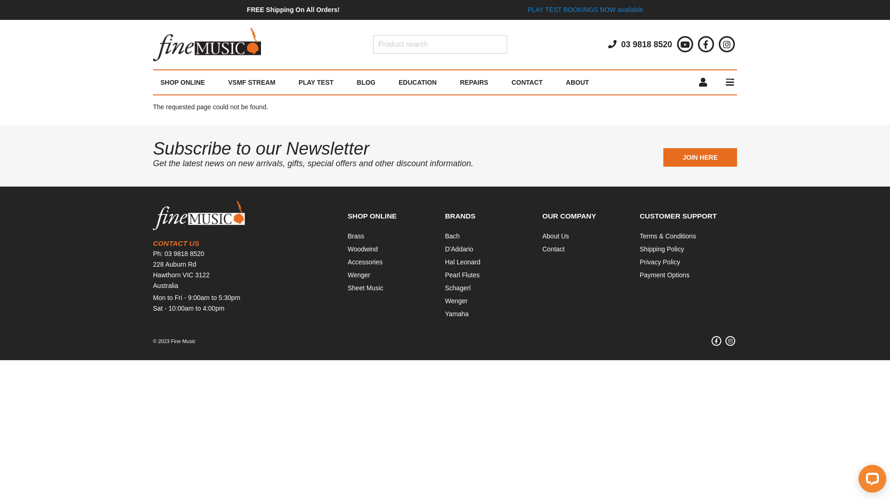 The height and width of the screenshot is (500, 890). I want to click on 'Shipping Policy', so click(661, 248).